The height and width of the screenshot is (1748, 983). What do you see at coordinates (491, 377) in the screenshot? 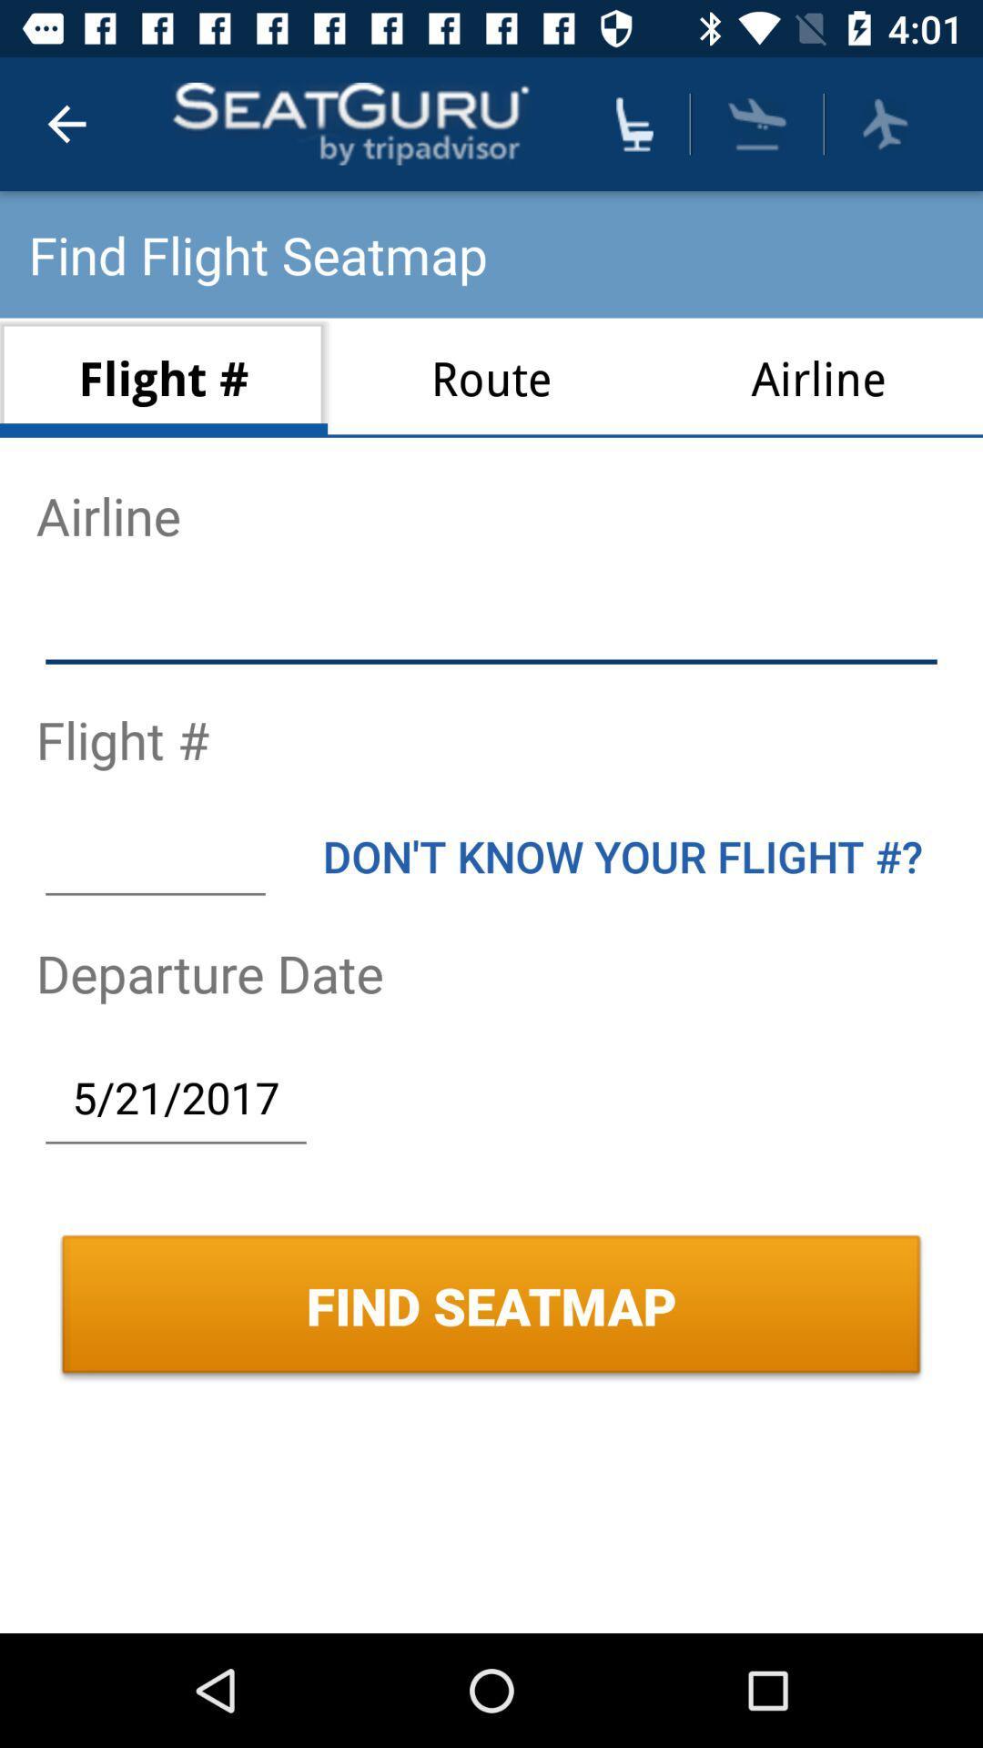
I see `the icon next to the flight # icon` at bounding box center [491, 377].